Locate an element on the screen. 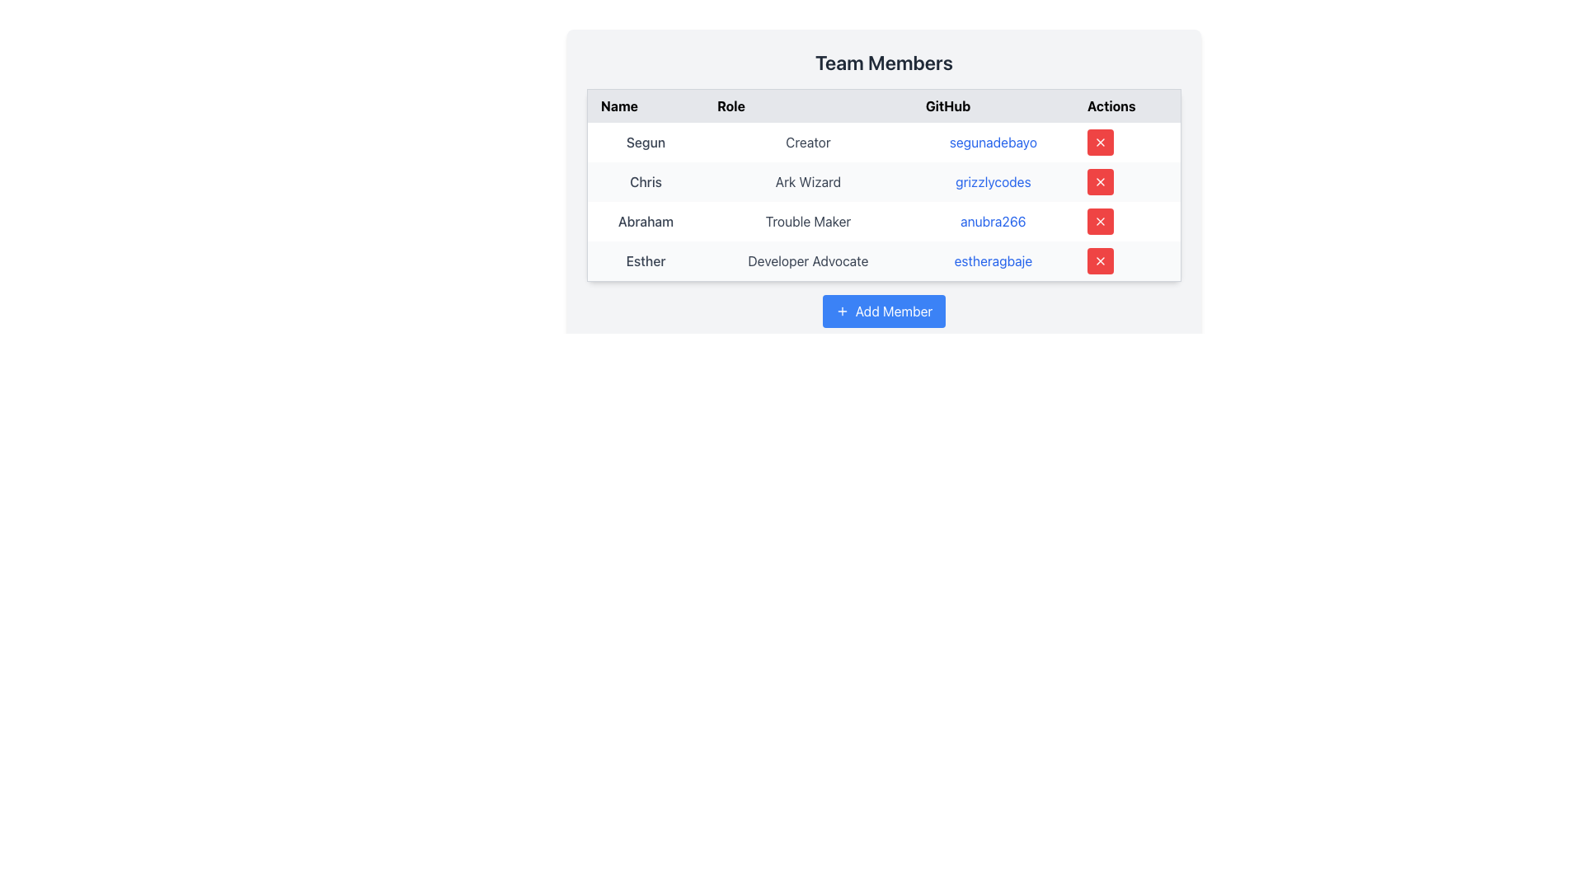 This screenshot has width=1583, height=890. the last row in the 'Team Members' section of the table, which includes the name 'Esther', role 'Developer Advocate', GitHub username 'estheragbaje', and a red delete button with a white 'X' is located at coordinates (883, 260).